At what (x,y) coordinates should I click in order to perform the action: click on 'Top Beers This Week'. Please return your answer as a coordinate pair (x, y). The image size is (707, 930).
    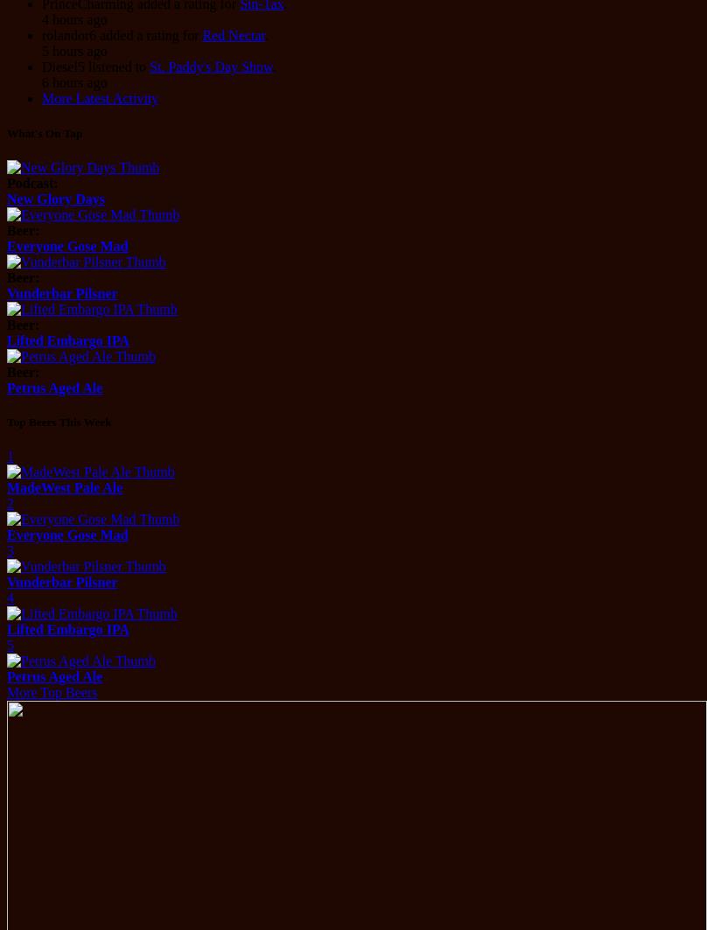
    Looking at the image, I should click on (59, 421).